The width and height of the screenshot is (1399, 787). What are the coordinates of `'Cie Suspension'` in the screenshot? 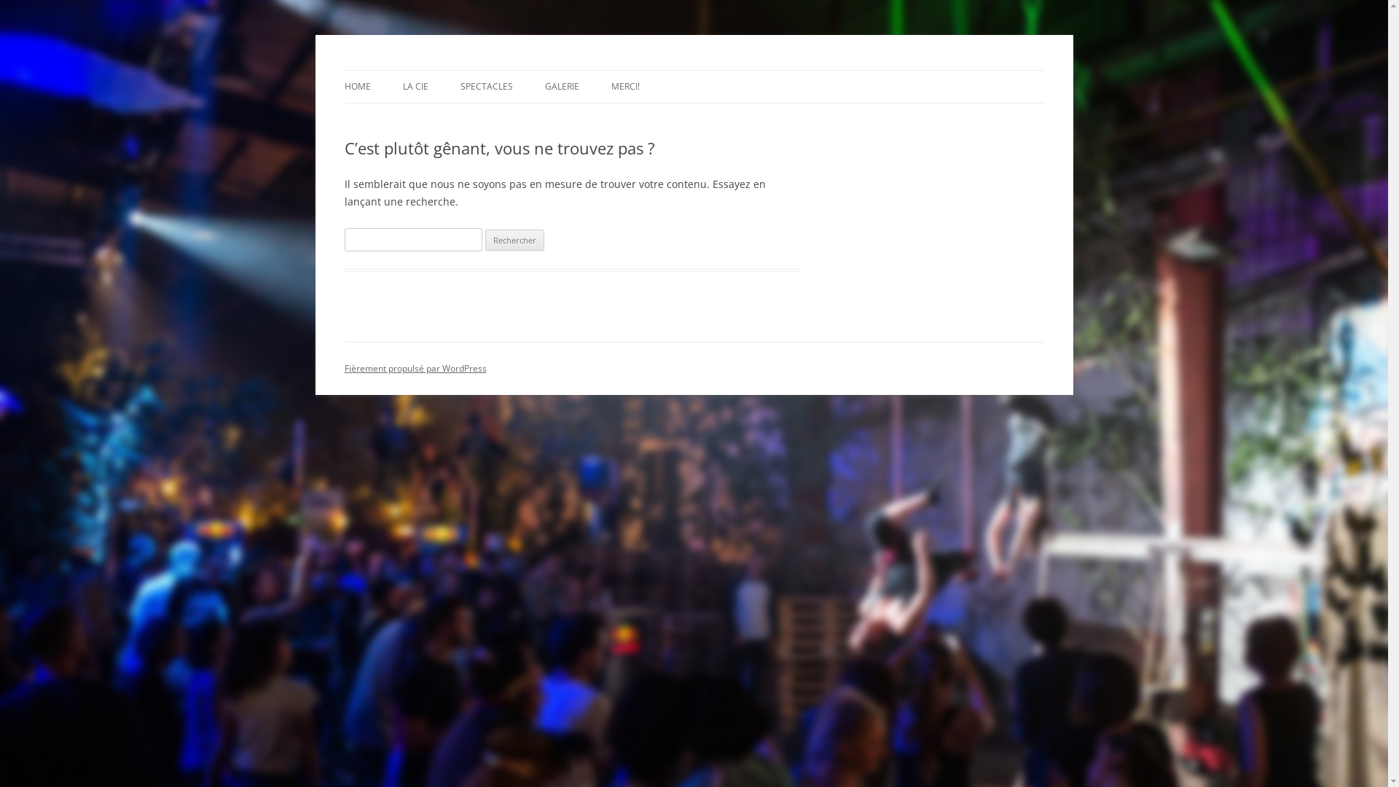 It's located at (413, 70).